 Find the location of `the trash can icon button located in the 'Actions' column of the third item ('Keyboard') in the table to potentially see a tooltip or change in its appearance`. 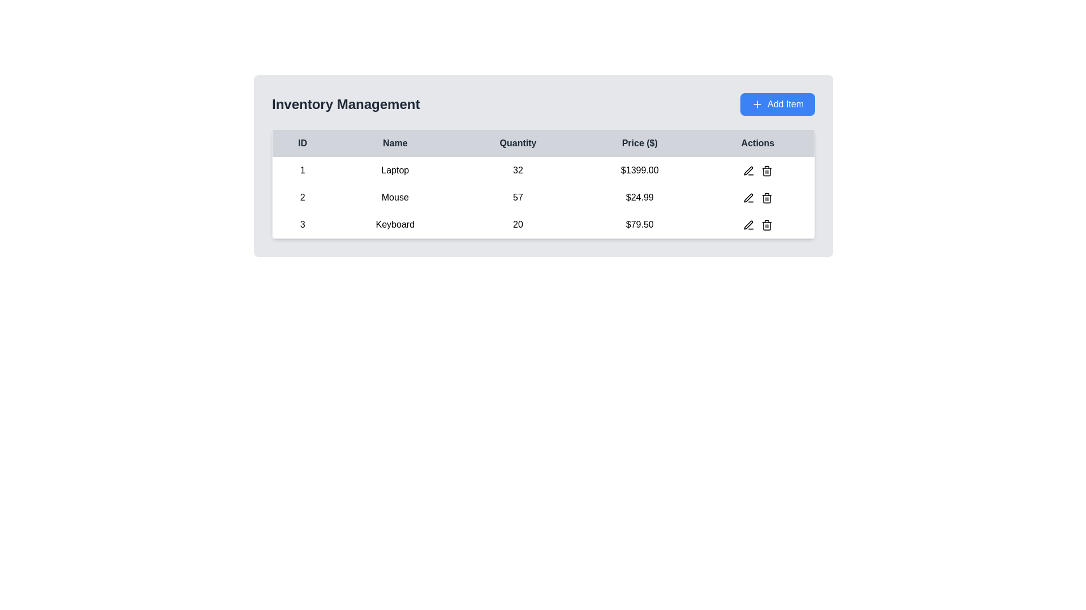

the trash can icon button located in the 'Actions' column of the third item ('Keyboard') in the table to potentially see a tooltip or change in its appearance is located at coordinates (766, 224).